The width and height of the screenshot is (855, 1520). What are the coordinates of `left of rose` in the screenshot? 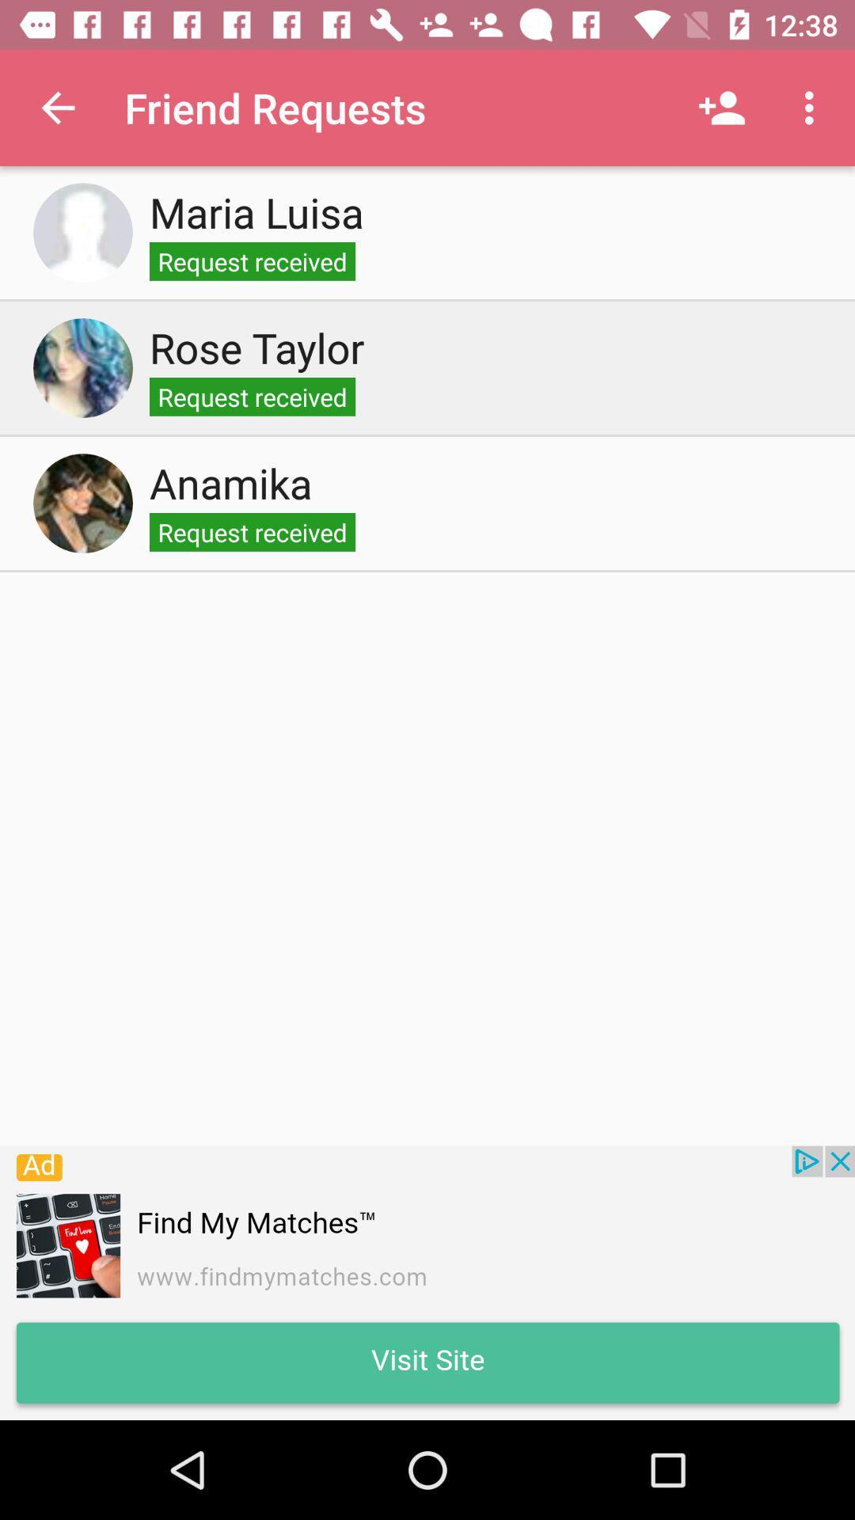 It's located at (82, 367).